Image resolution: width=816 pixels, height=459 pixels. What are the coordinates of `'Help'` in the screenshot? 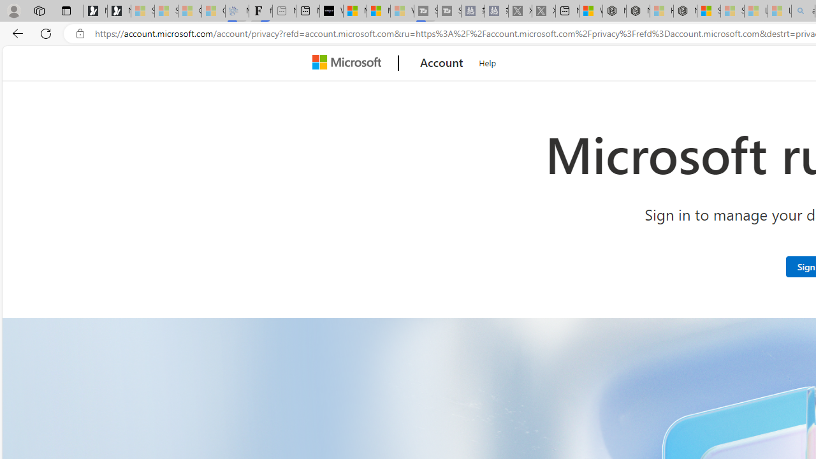 It's located at (487, 61).